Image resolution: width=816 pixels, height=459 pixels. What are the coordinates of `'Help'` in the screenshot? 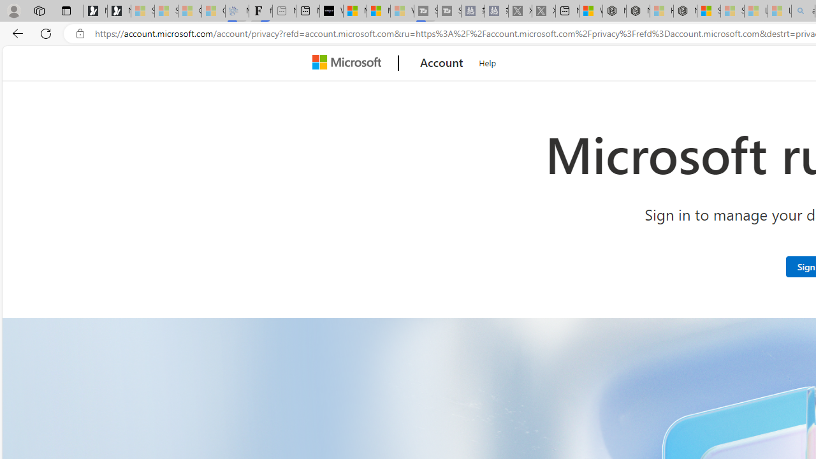 It's located at (487, 61).